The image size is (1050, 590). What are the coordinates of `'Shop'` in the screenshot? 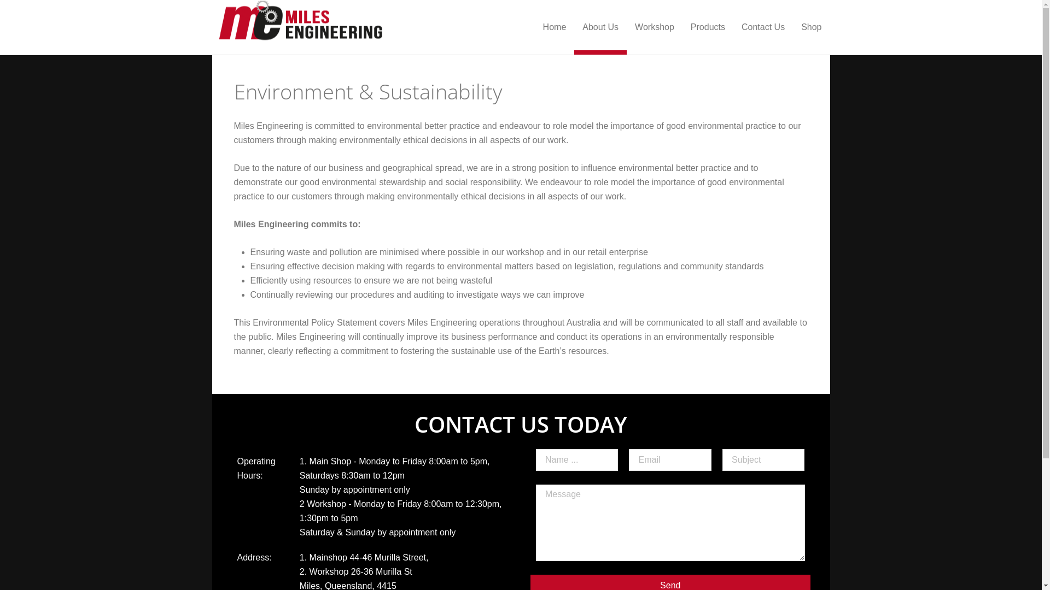 It's located at (792, 27).